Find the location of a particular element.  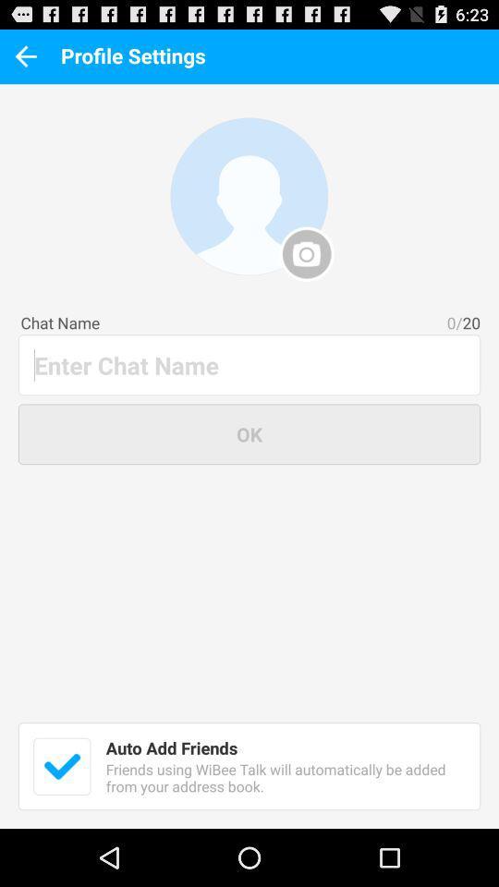

the name is located at coordinates (249, 364).